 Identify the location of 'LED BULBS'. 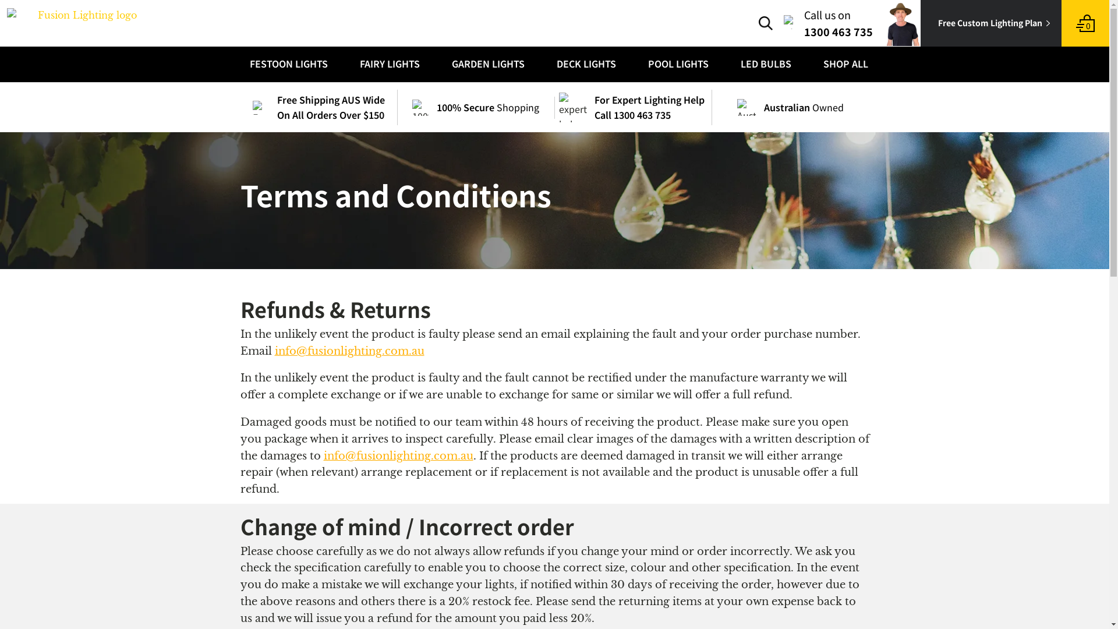
(762, 64).